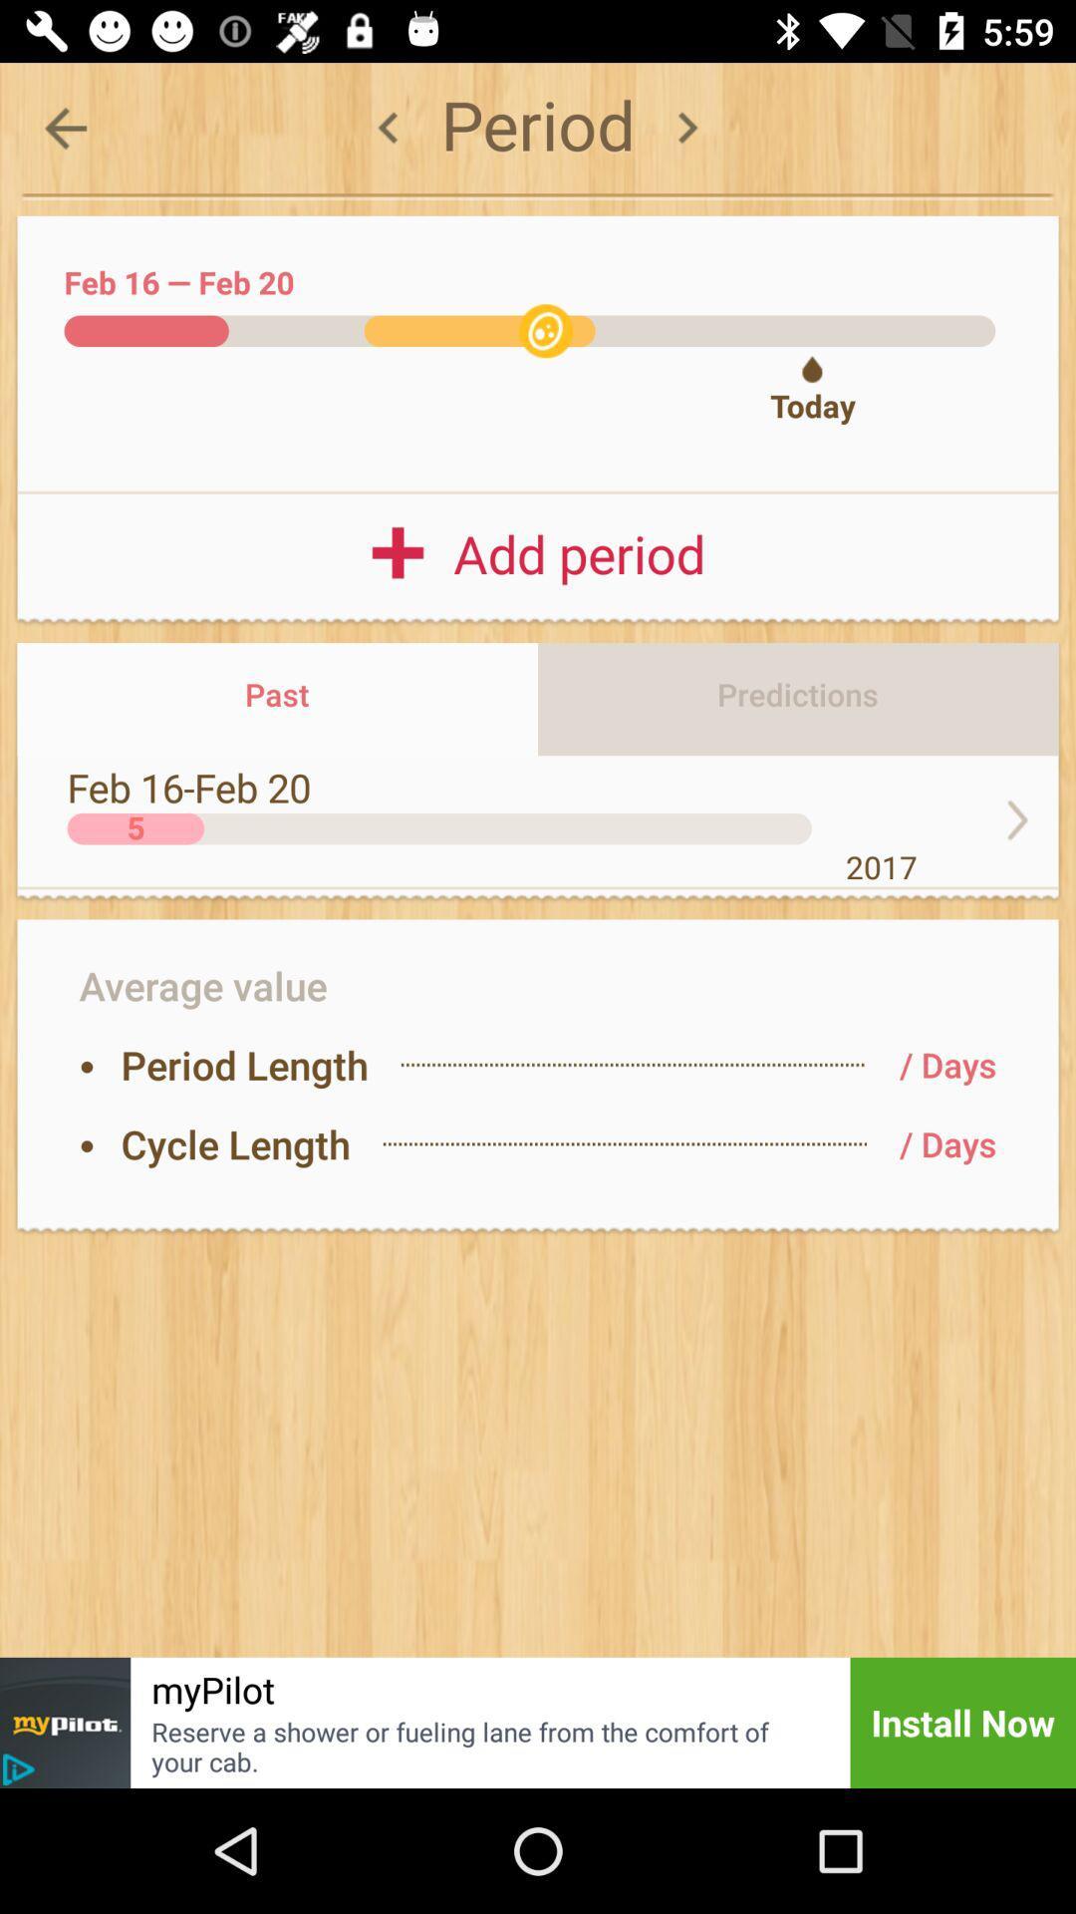  I want to click on the arrow_backward icon, so click(388, 127).